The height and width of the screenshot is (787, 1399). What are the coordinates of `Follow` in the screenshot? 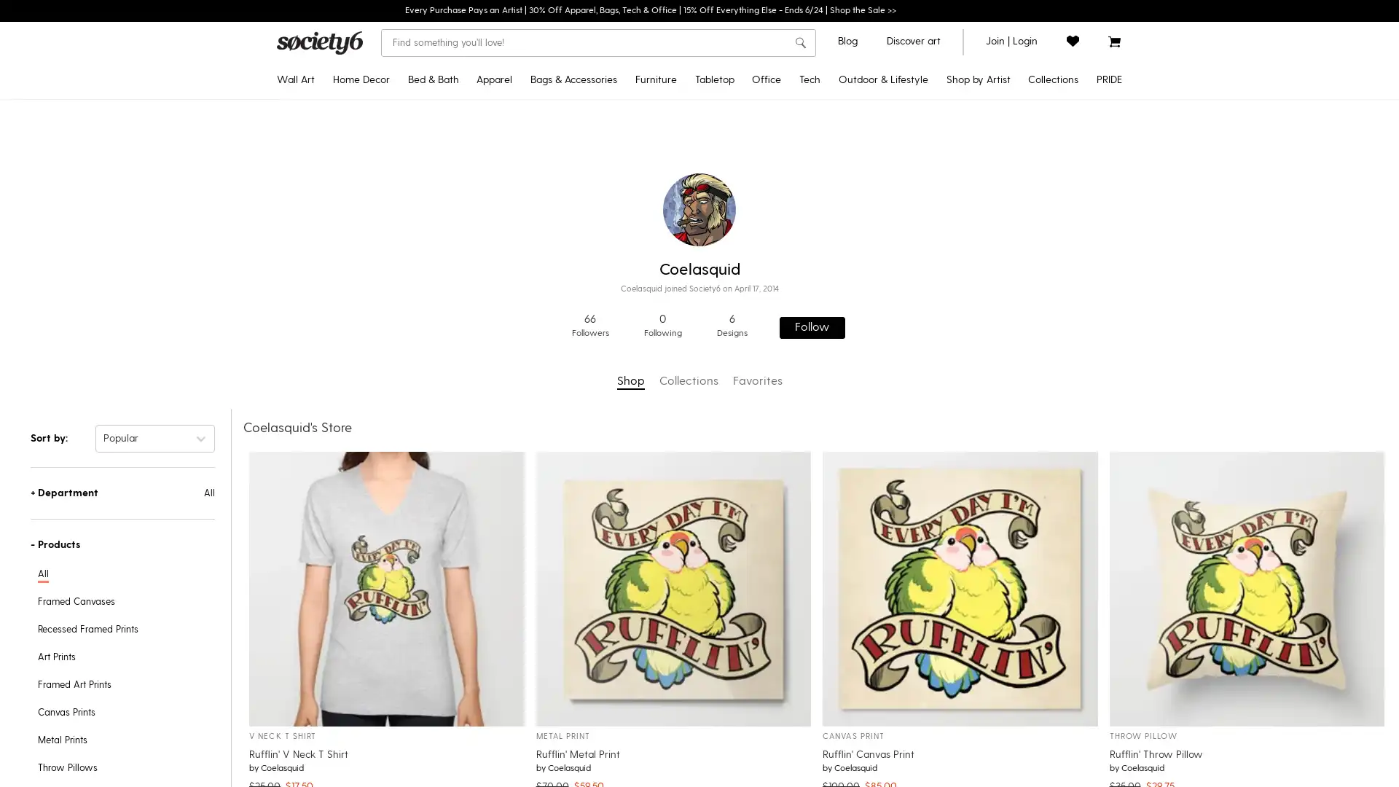 It's located at (810, 326).